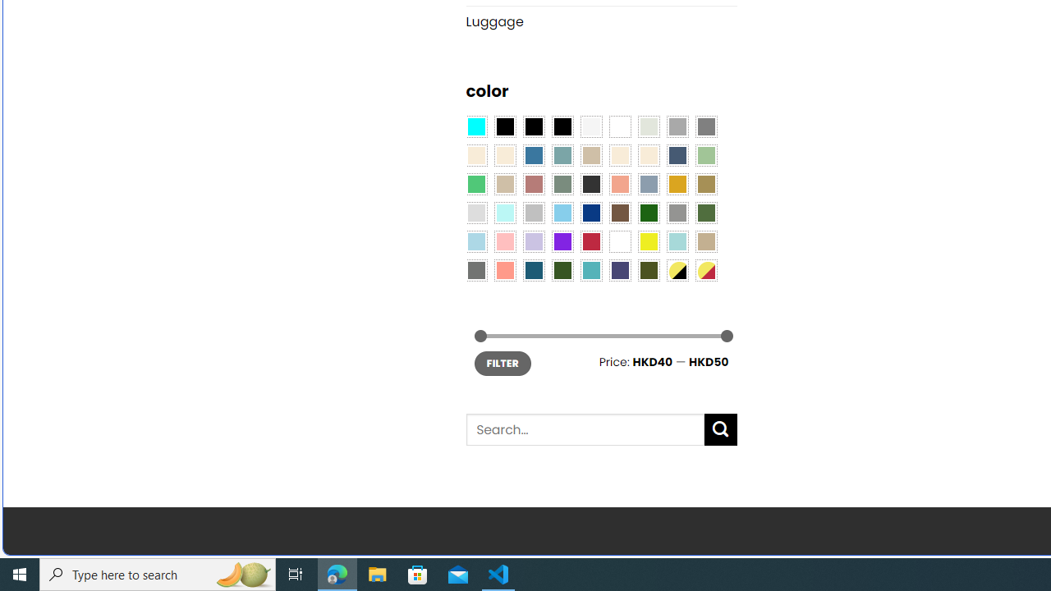 This screenshot has height=591, width=1051. I want to click on 'Emerald Green', so click(475, 185).